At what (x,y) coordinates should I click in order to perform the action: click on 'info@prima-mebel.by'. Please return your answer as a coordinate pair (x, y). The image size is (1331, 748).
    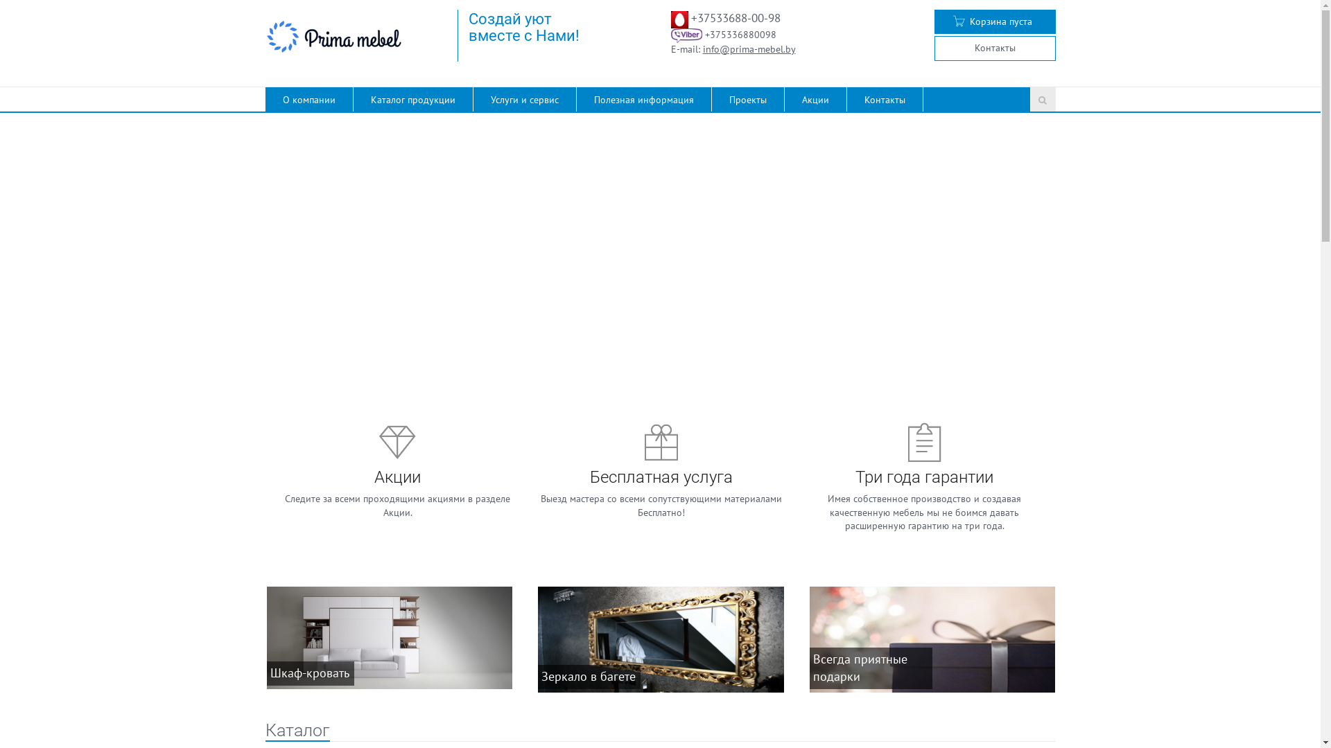
    Looking at the image, I should click on (748, 48).